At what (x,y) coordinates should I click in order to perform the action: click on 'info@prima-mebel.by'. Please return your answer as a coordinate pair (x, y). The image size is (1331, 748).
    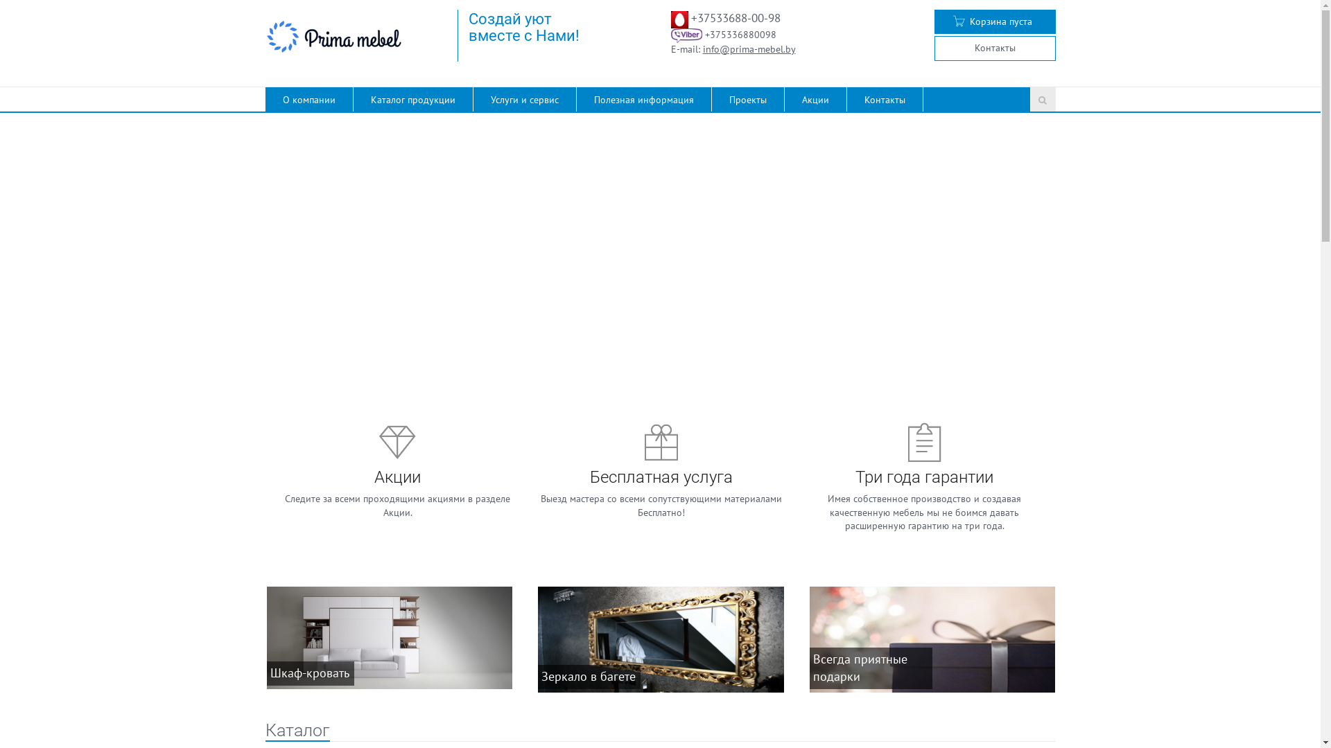
    Looking at the image, I should click on (748, 48).